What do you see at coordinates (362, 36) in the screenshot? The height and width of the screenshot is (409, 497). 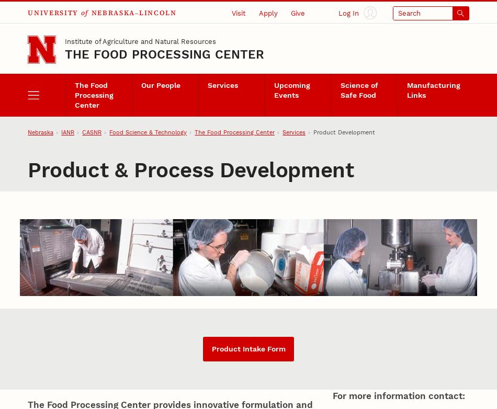 I see `'Special Processes for Food Service'` at bounding box center [362, 36].